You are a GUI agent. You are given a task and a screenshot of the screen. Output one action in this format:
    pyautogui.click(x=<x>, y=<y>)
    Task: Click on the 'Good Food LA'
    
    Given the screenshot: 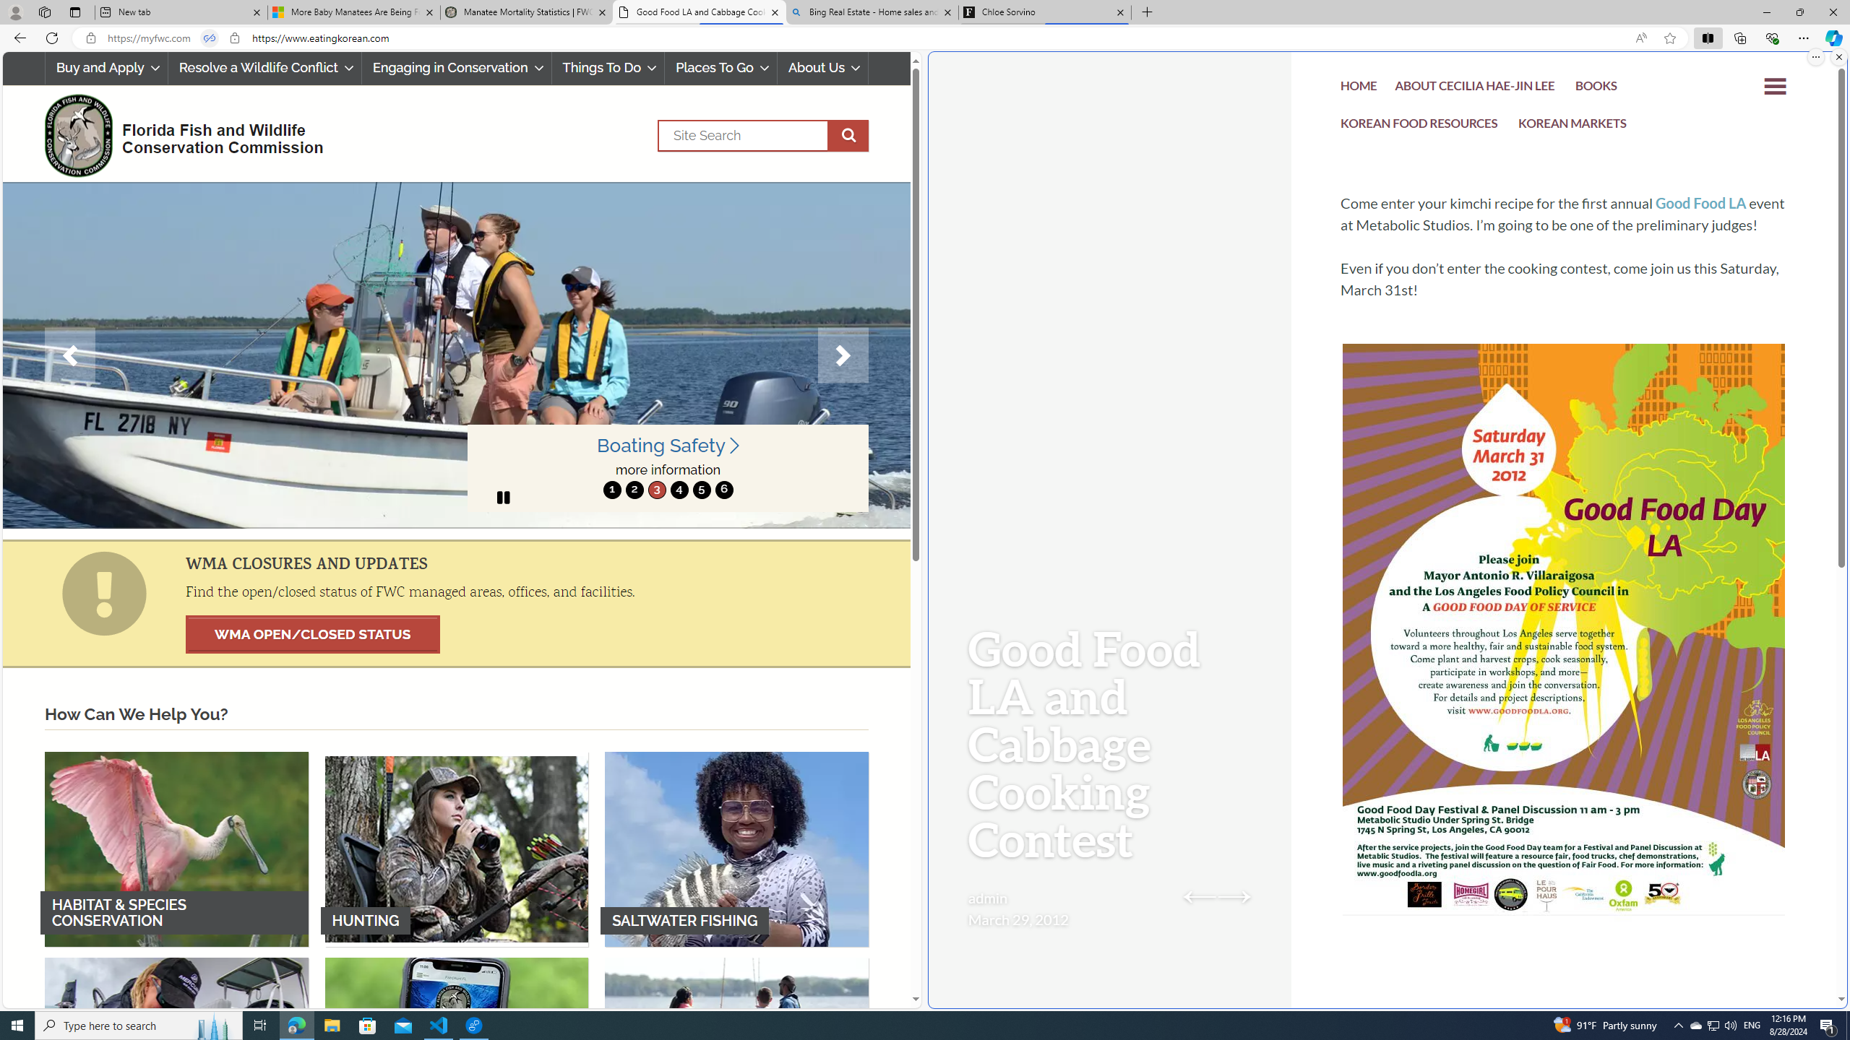 What is the action you would take?
    pyautogui.click(x=1700, y=202)
    